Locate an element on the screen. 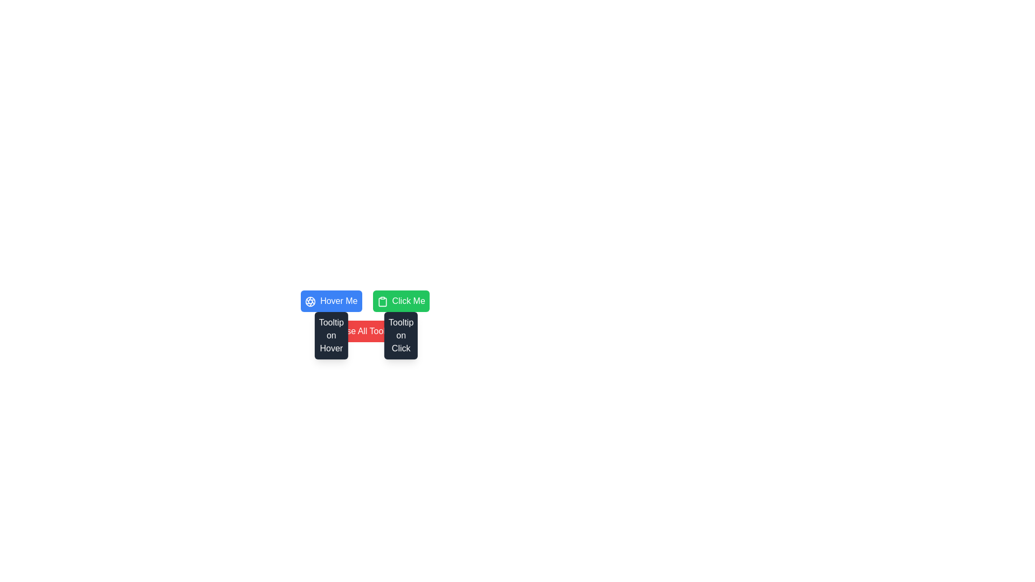  the button located in the first column and first row of the grid layout, which is positioned to the left of the green 'Click Me' button is located at coordinates (330, 301).